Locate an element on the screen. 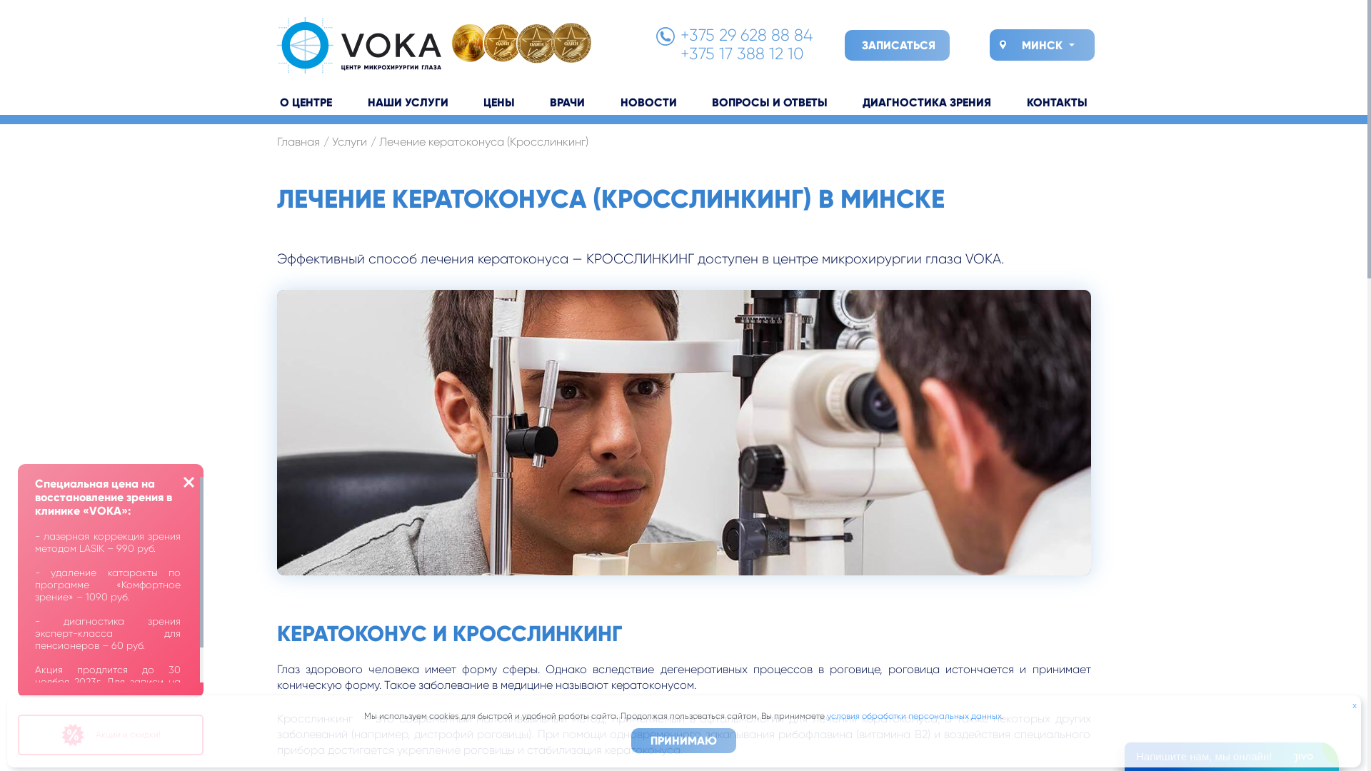 Image resolution: width=1371 pixels, height=771 pixels. '+375 17 388 12 10' is located at coordinates (678, 53).